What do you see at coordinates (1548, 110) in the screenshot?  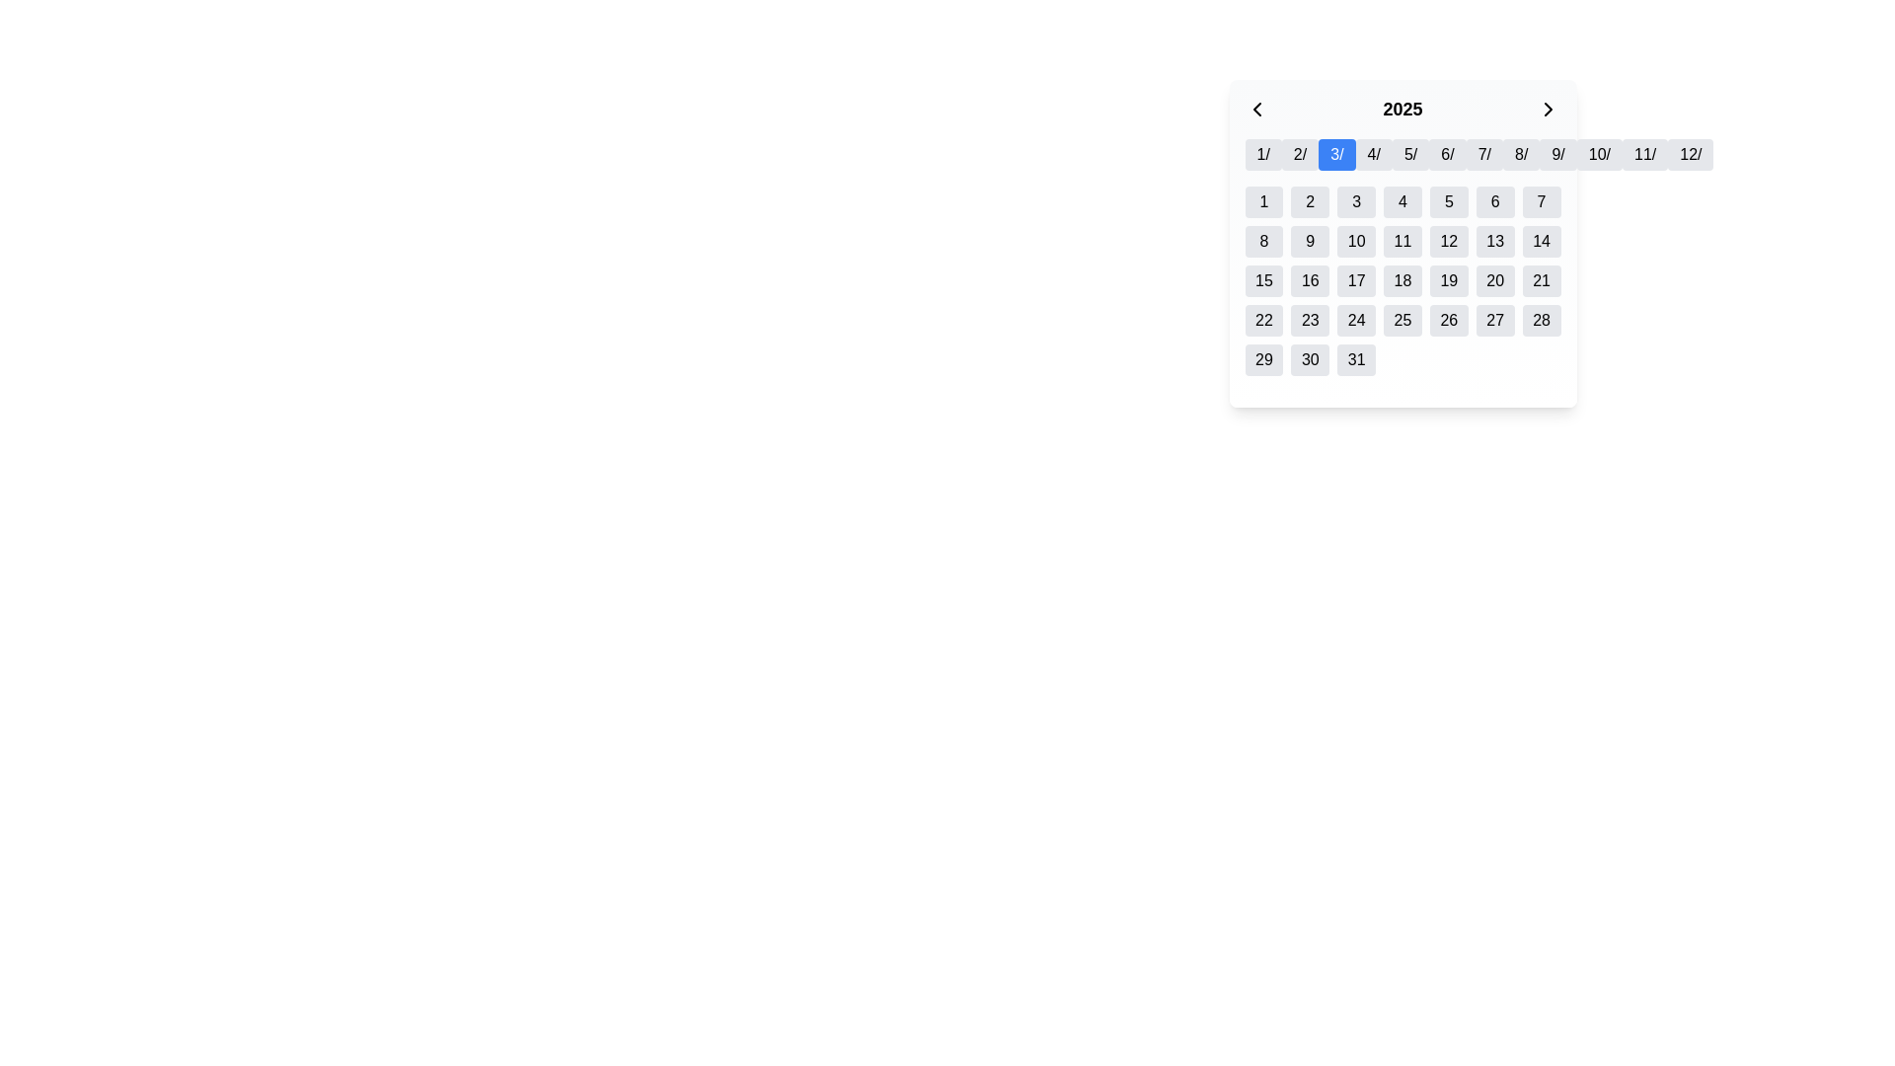 I see `the rightward chevron button with a black stroke located to the right of the text '2025' in the top-right corner of the calendar widget` at bounding box center [1548, 110].